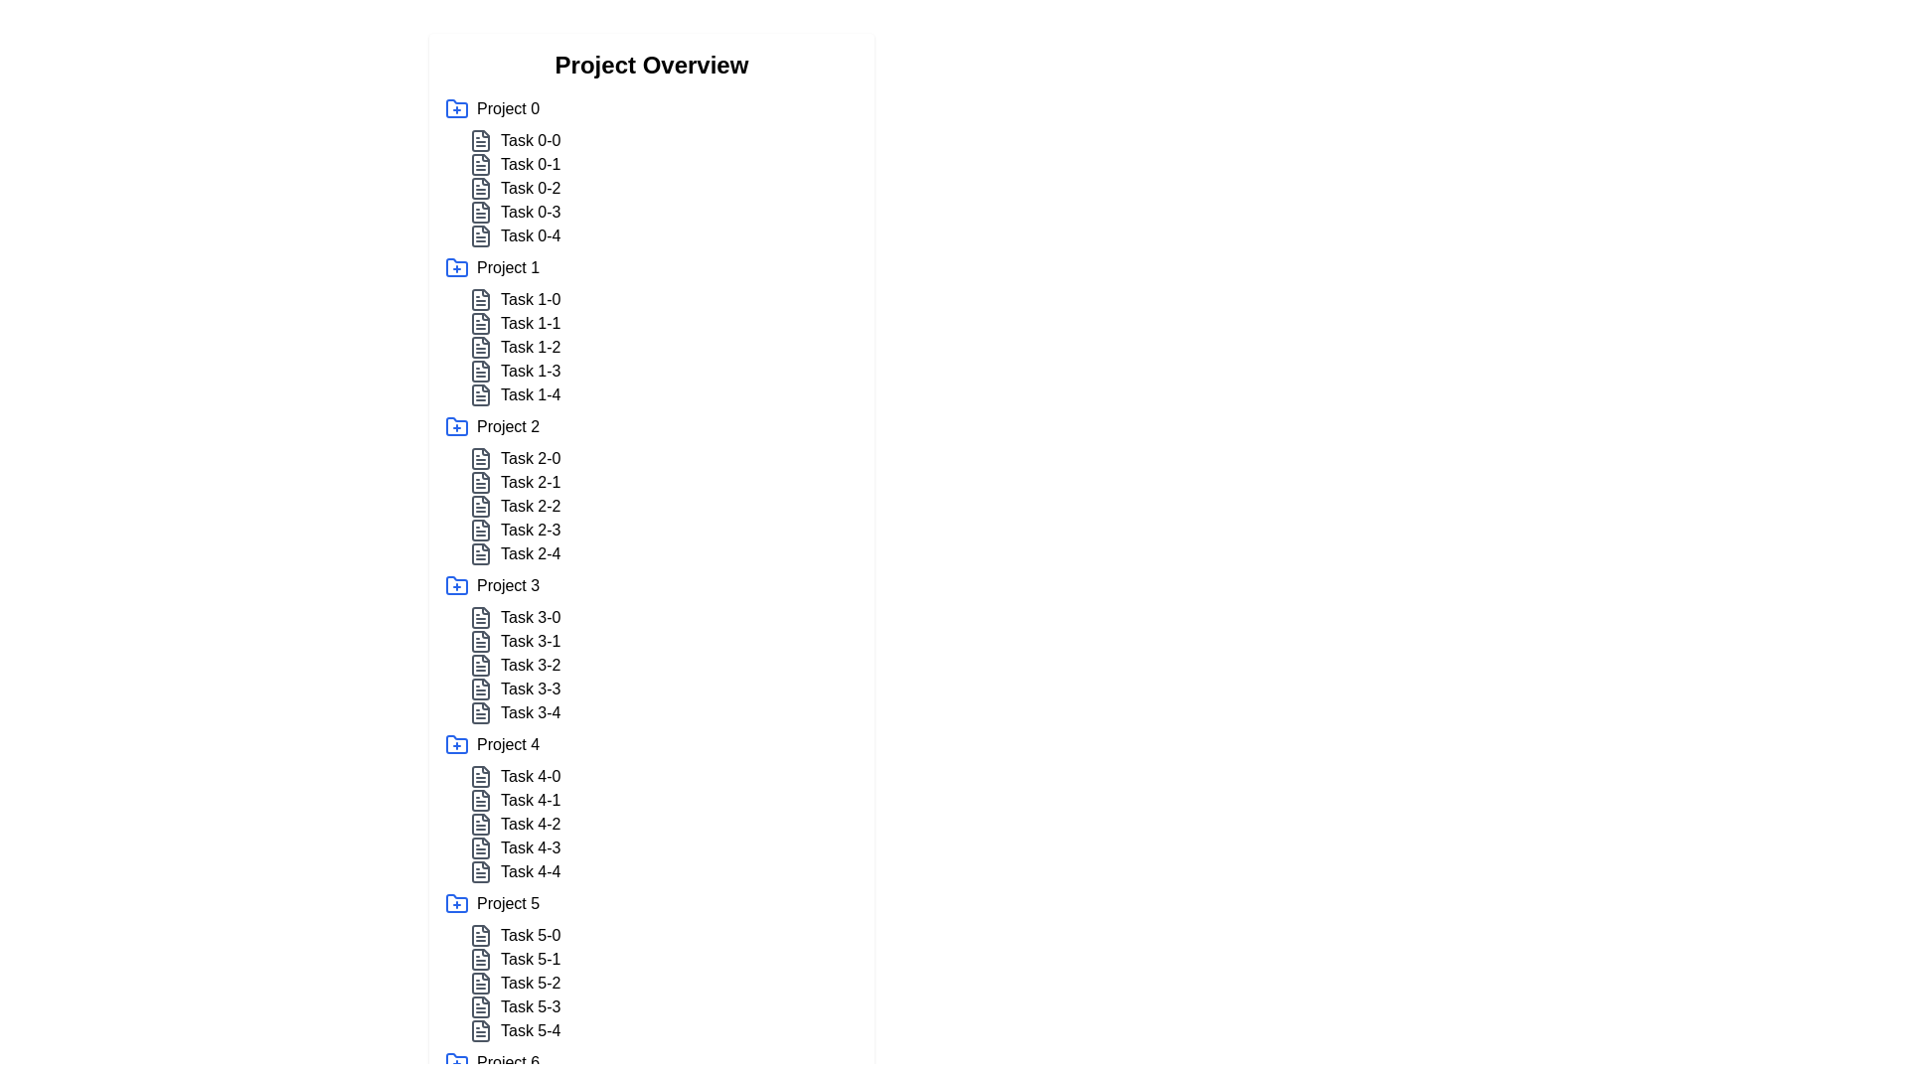  I want to click on the 'Task 1-4' text label for selection or navigation within the project outline under 'Project 1', so click(531, 394).